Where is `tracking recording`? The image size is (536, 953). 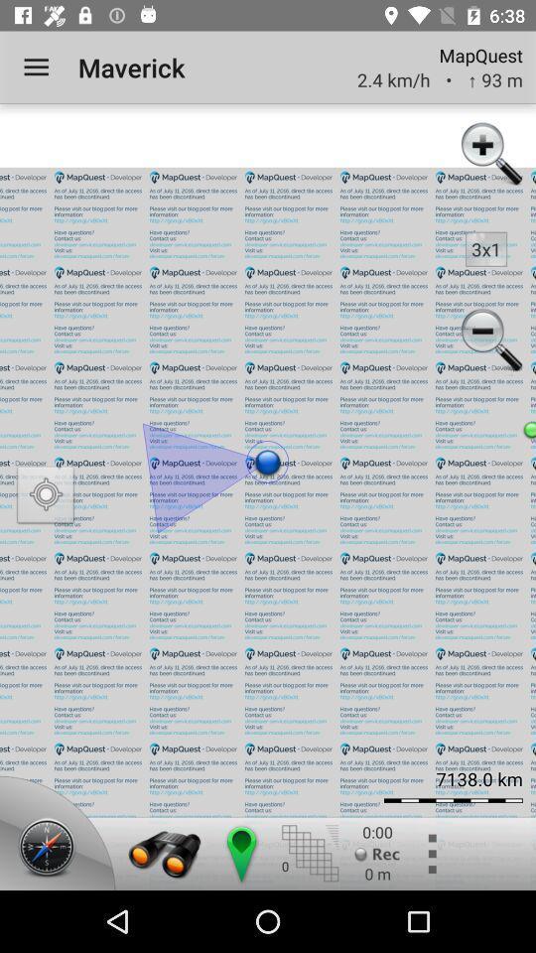
tracking recording is located at coordinates (377, 853).